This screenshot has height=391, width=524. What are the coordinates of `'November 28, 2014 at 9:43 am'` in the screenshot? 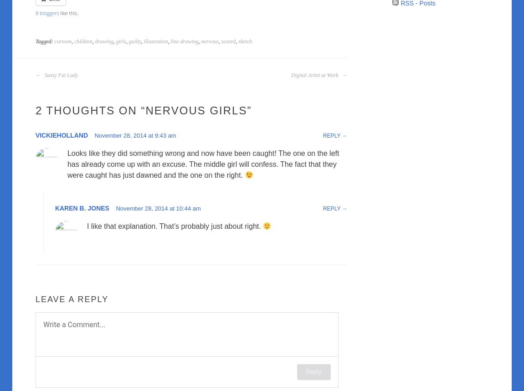 It's located at (135, 135).